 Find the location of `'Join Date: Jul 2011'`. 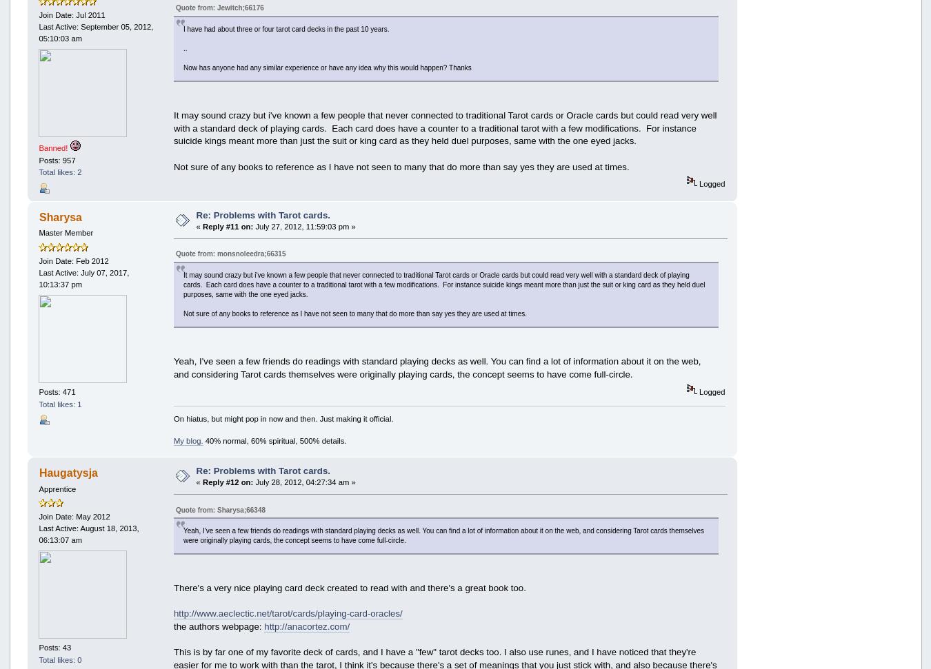

'Join Date: Jul 2011' is located at coordinates (70, 14).